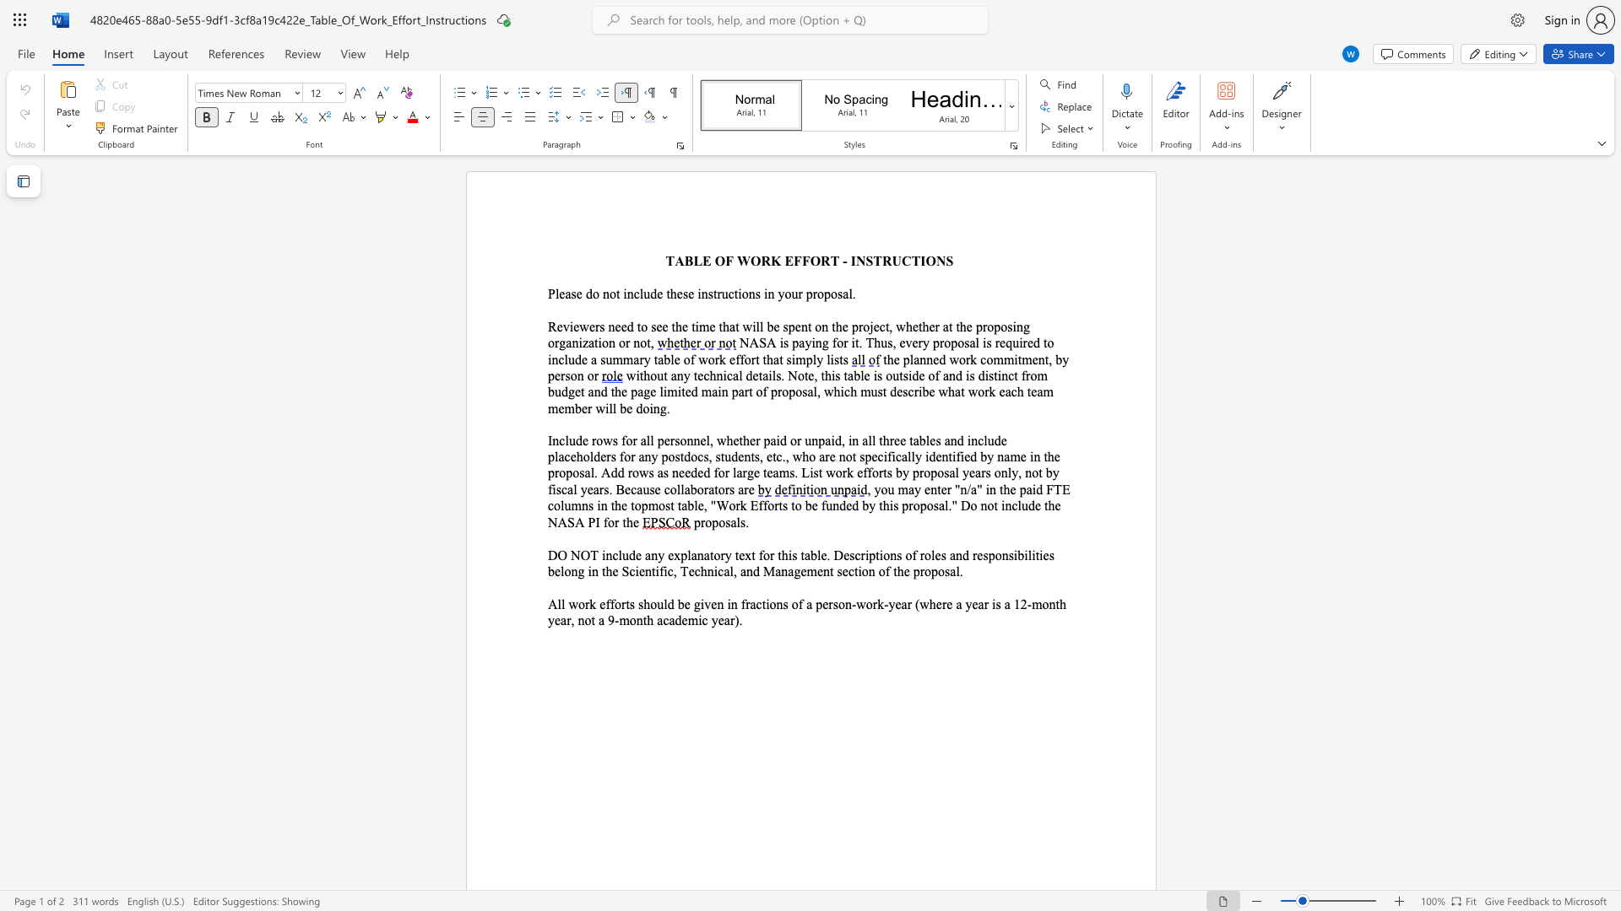  I want to click on the subset text "lease do not include these instructions in your proposa" within the text "Please do not include these instructions in your proposal.", so click(555, 293).